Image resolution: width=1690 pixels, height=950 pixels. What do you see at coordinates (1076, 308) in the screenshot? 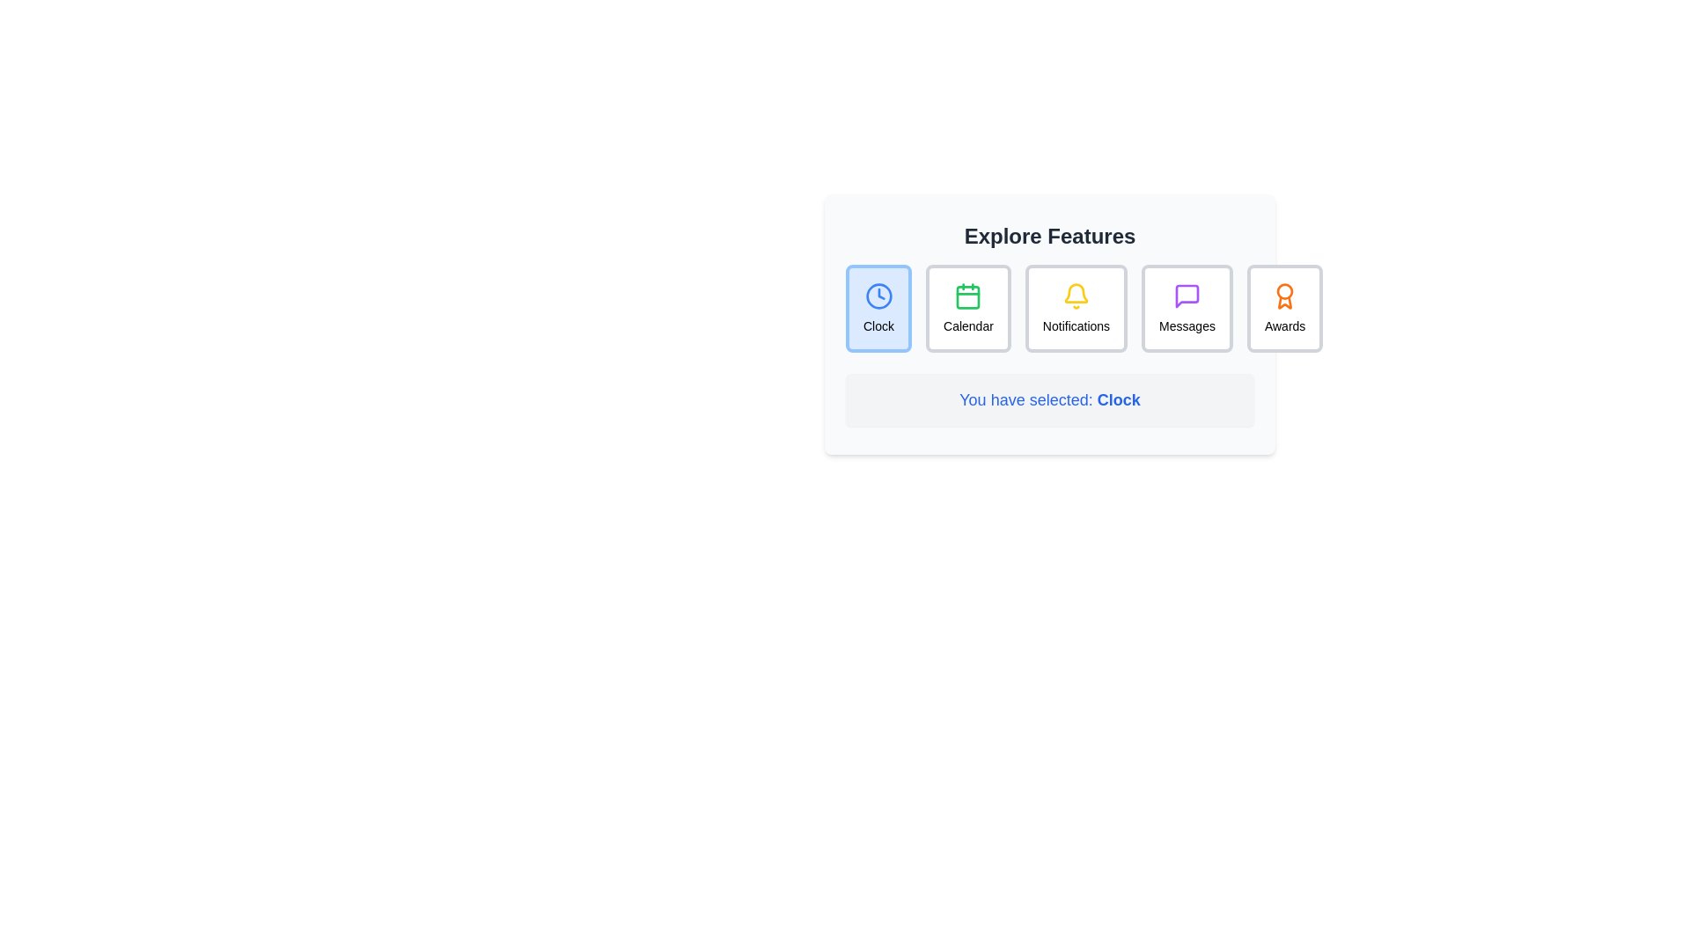
I see `the third button from the left in the 'Explore Features' card` at bounding box center [1076, 308].